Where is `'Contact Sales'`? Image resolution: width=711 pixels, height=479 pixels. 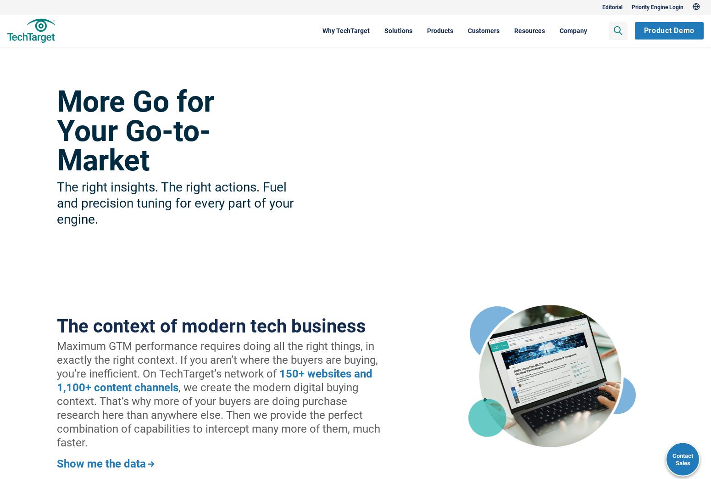
'Contact Sales' is located at coordinates (672, 459).